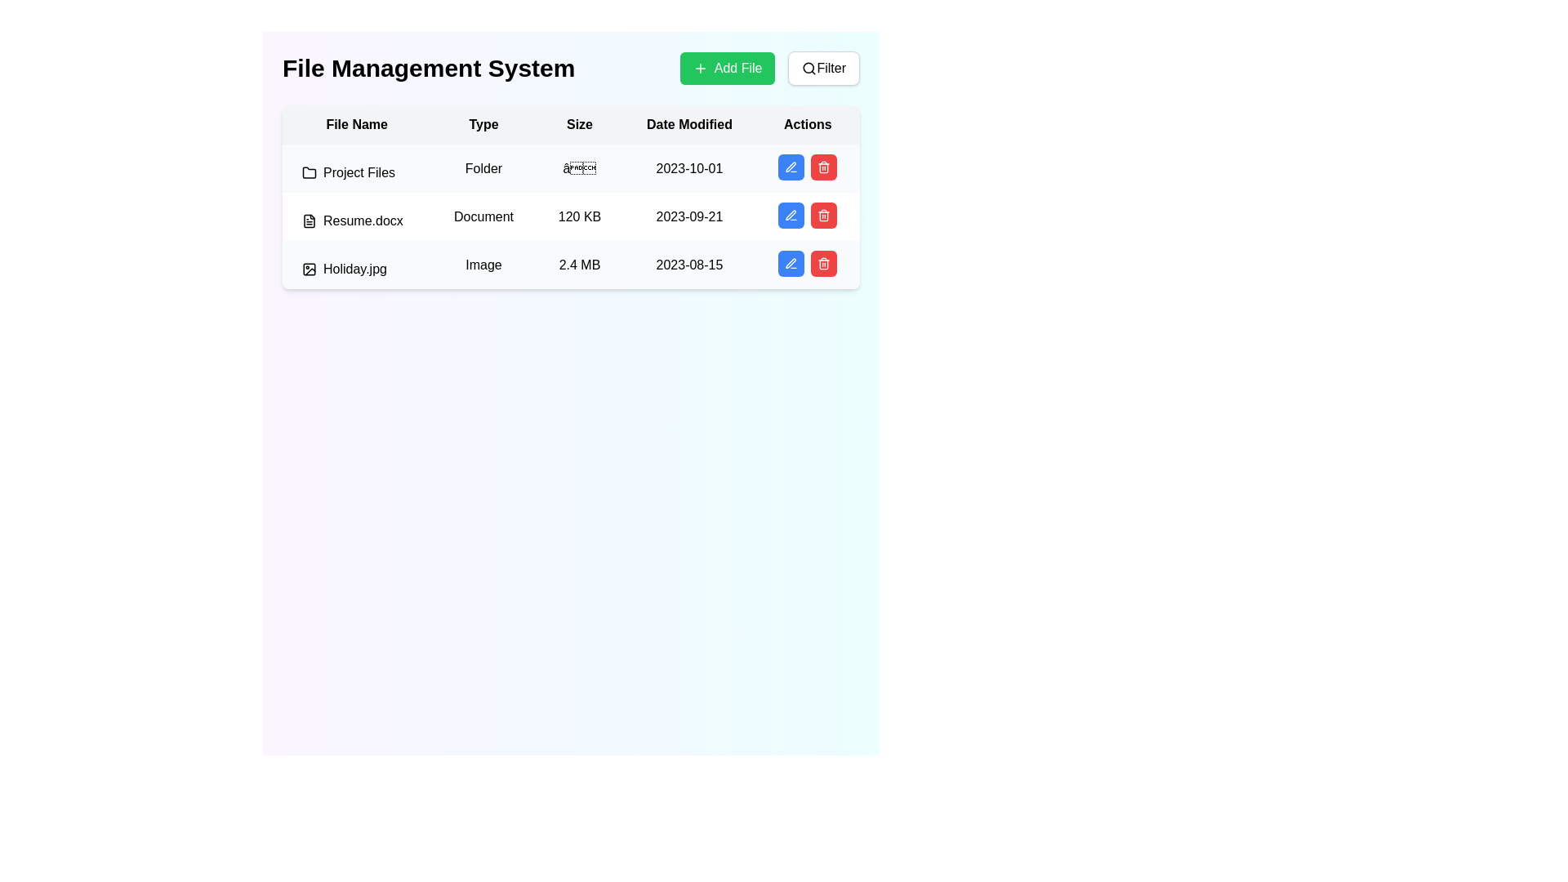  Describe the element at coordinates (310, 220) in the screenshot. I see `the document icon representing 'Resume.docx' in the 'File Name' column of the table` at that location.